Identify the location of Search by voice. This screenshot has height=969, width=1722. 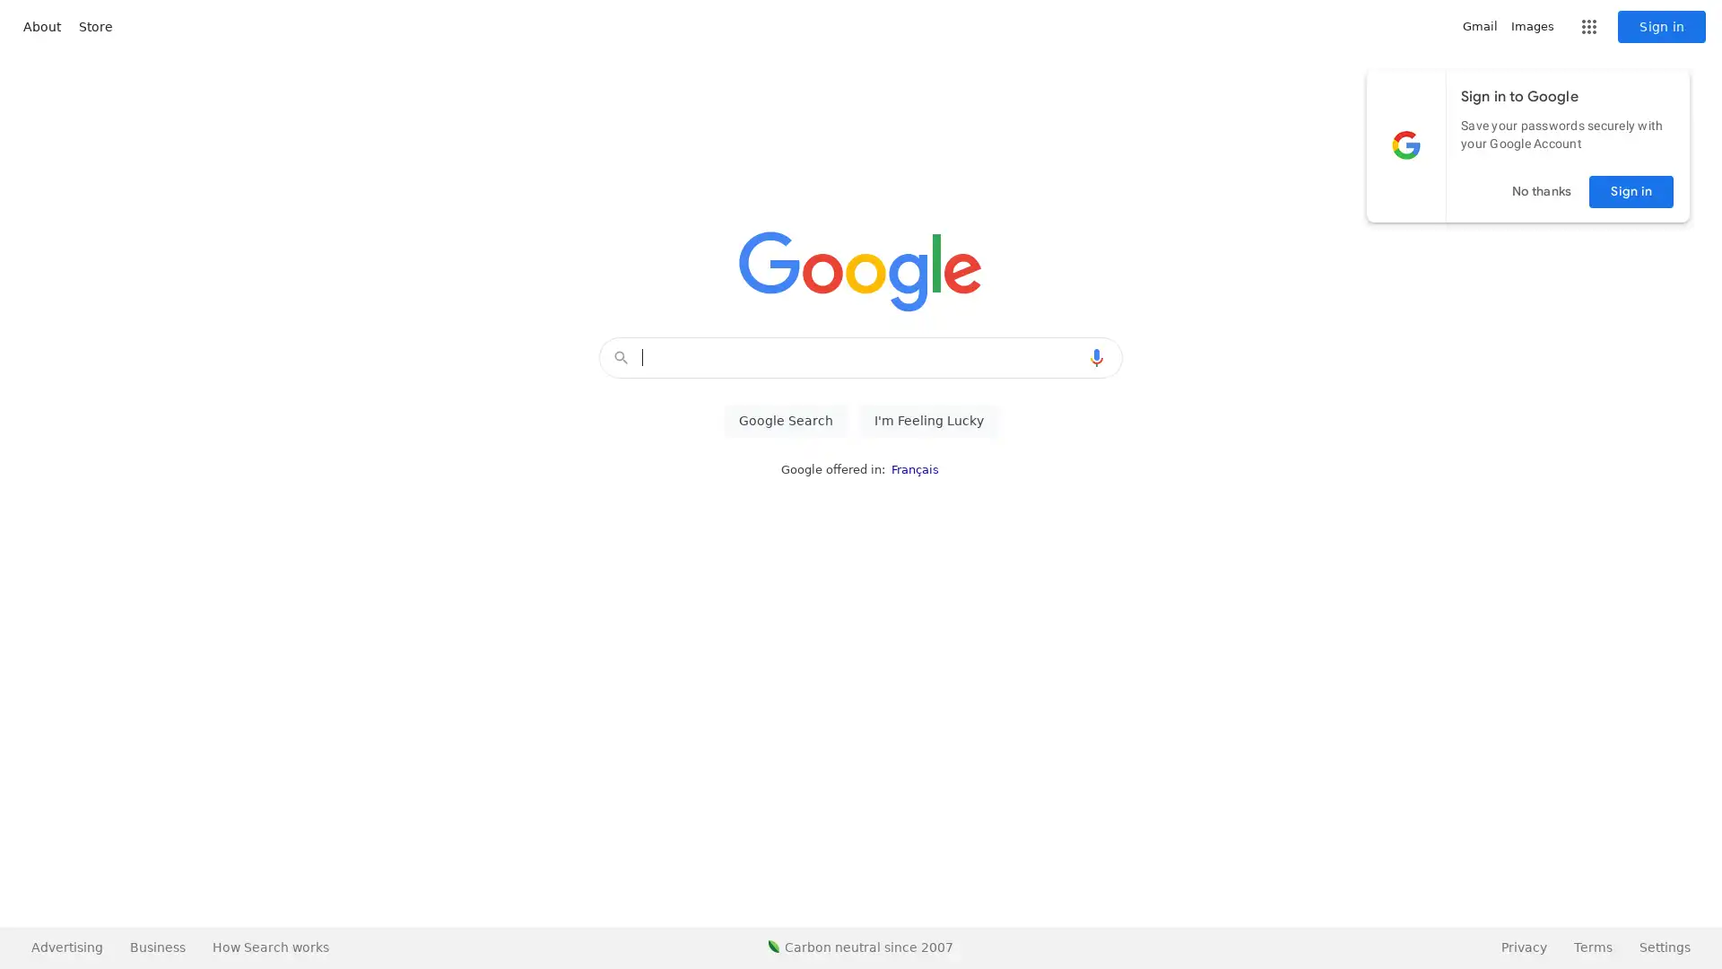
(1096, 357).